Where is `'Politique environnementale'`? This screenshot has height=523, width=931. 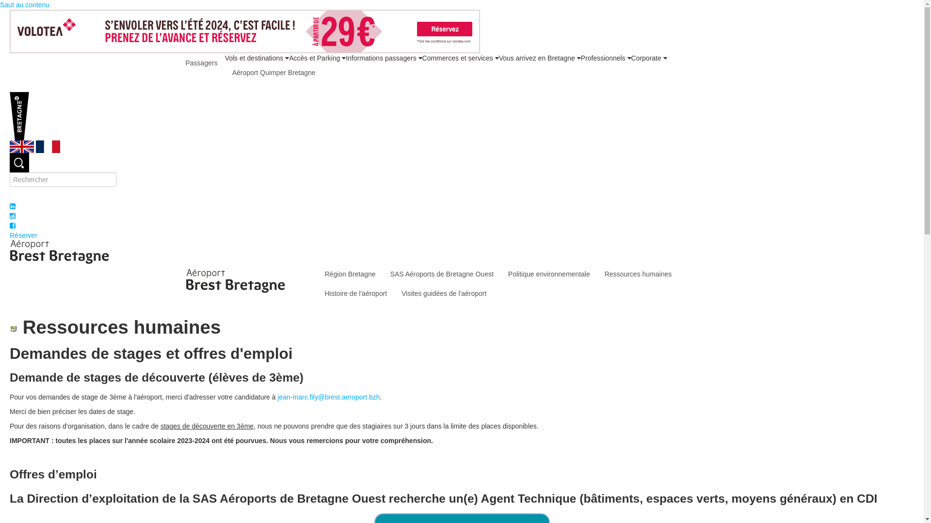
'Politique environnementale' is located at coordinates (500, 274).